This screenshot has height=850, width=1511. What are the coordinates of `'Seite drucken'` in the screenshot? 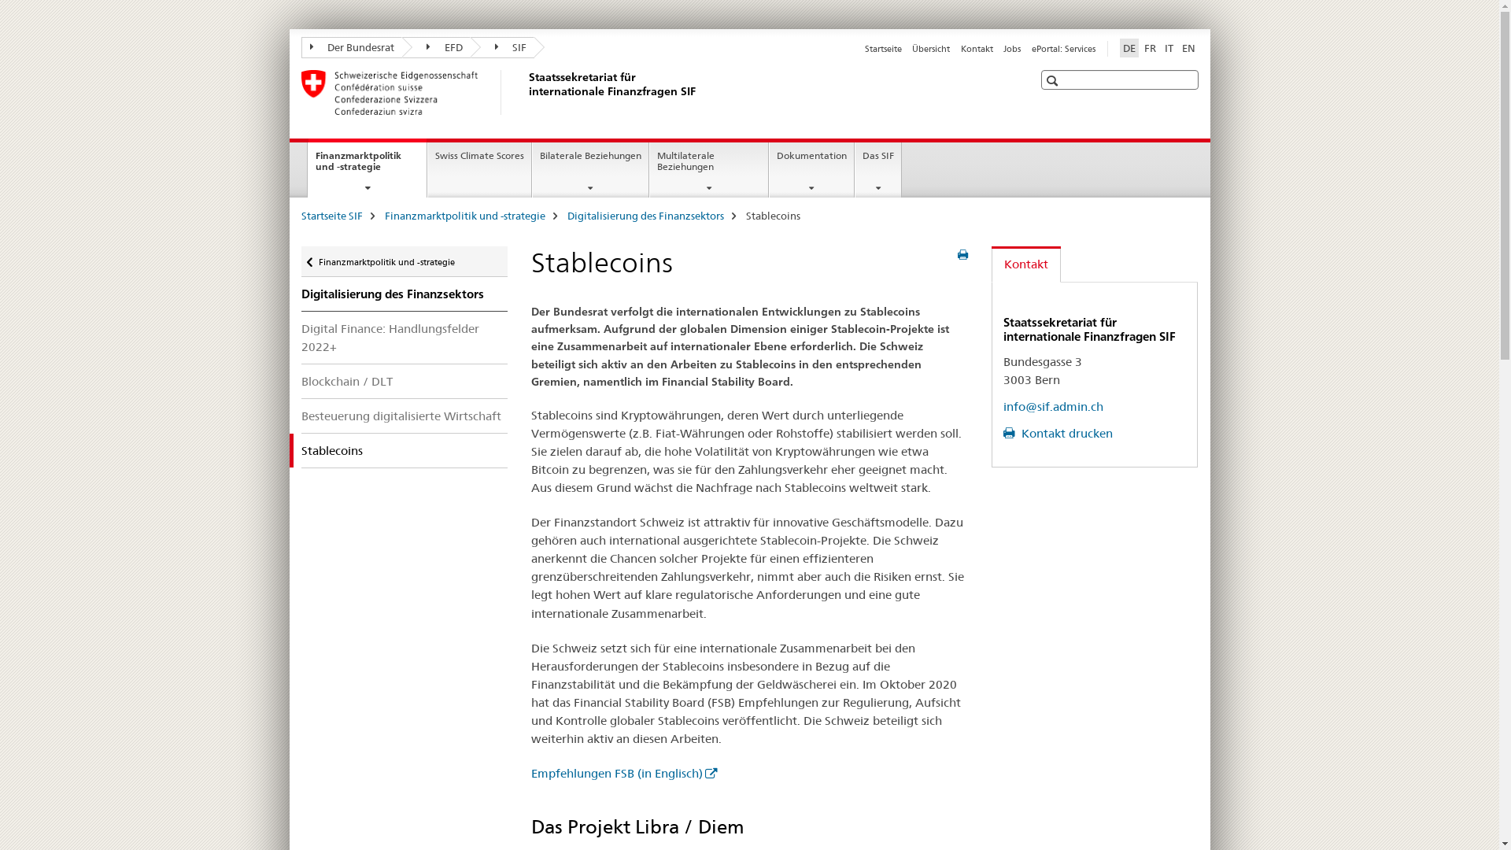 It's located at (962, 254).